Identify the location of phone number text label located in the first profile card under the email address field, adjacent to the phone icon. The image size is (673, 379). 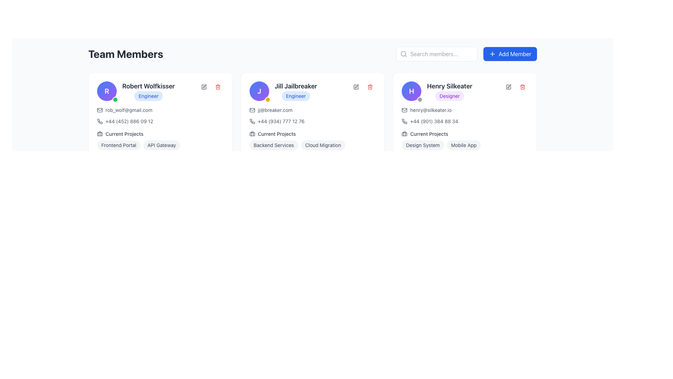
(129, 121).